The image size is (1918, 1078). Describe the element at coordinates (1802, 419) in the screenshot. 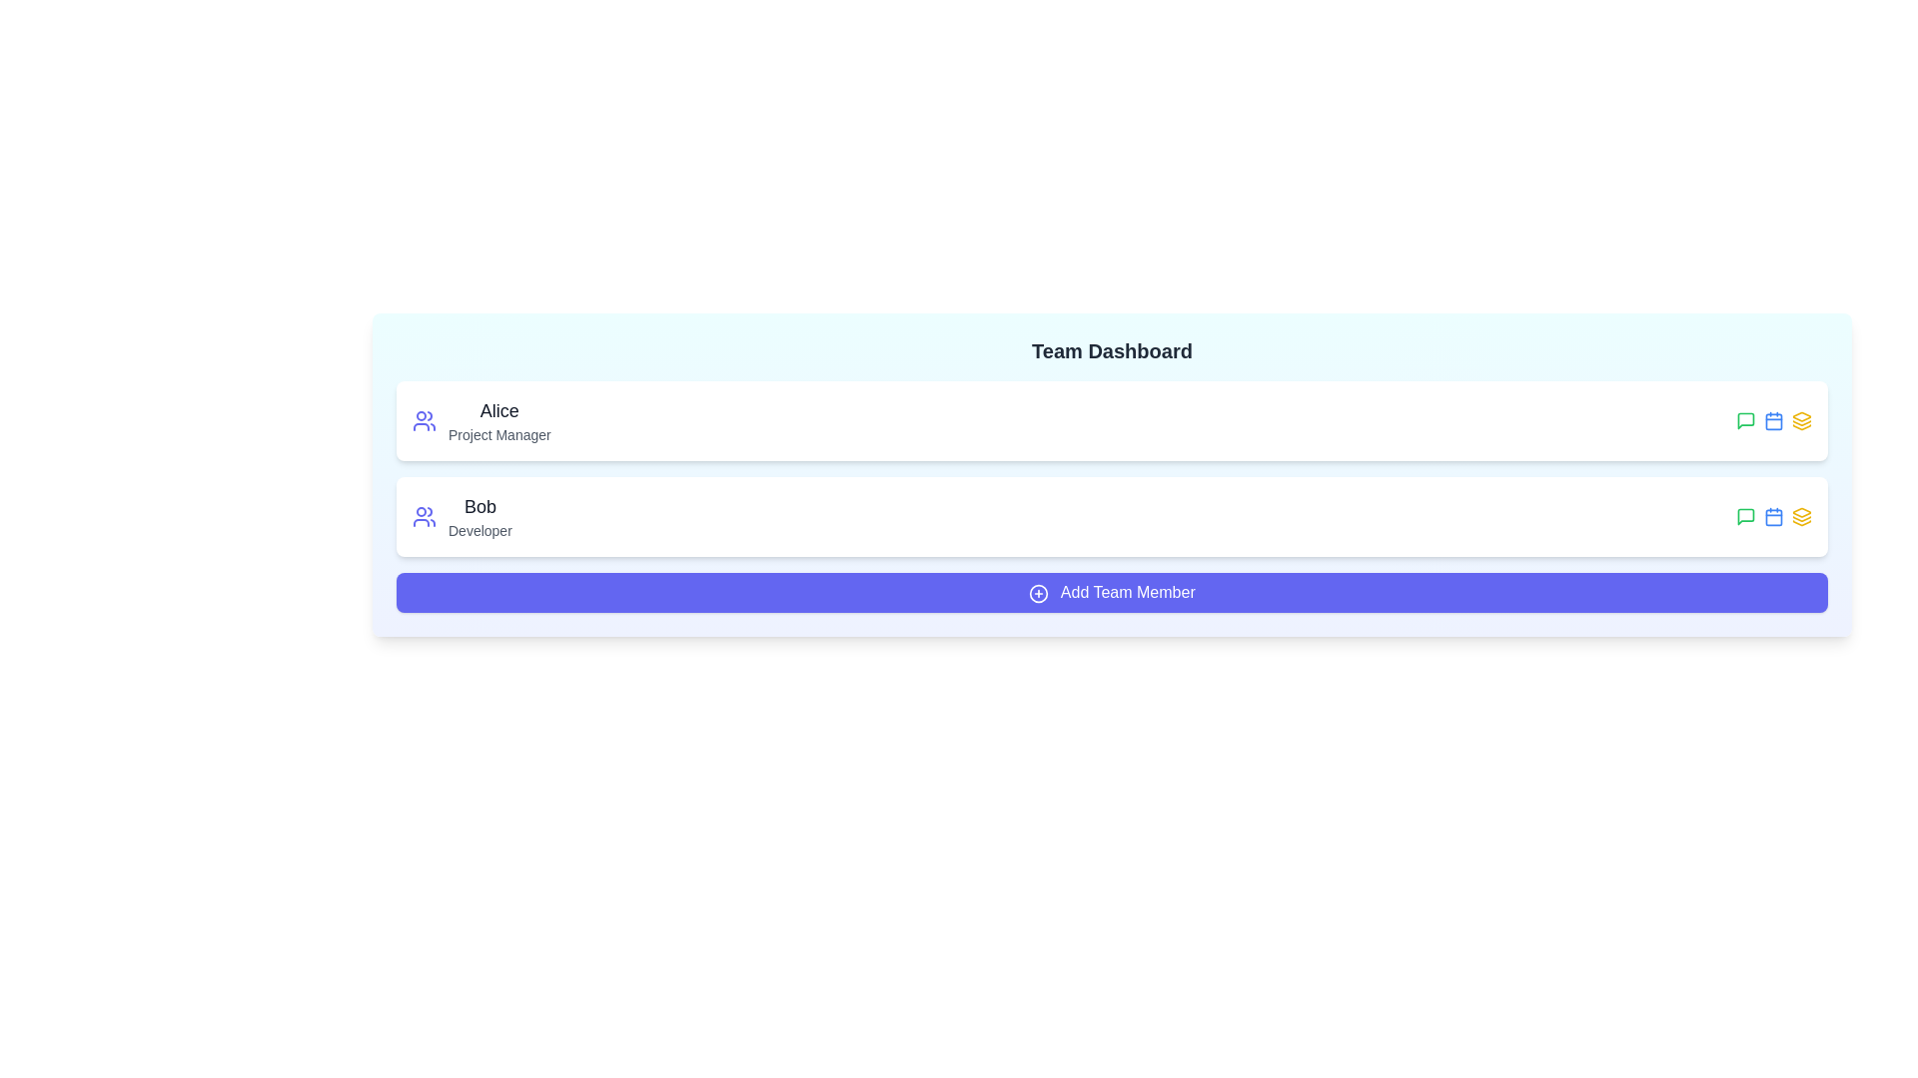

I see `the 'Details' icon, which is the third icon in a row of three icons next to the 'Bob' entry in the 'Team Dashboard'` at that location.